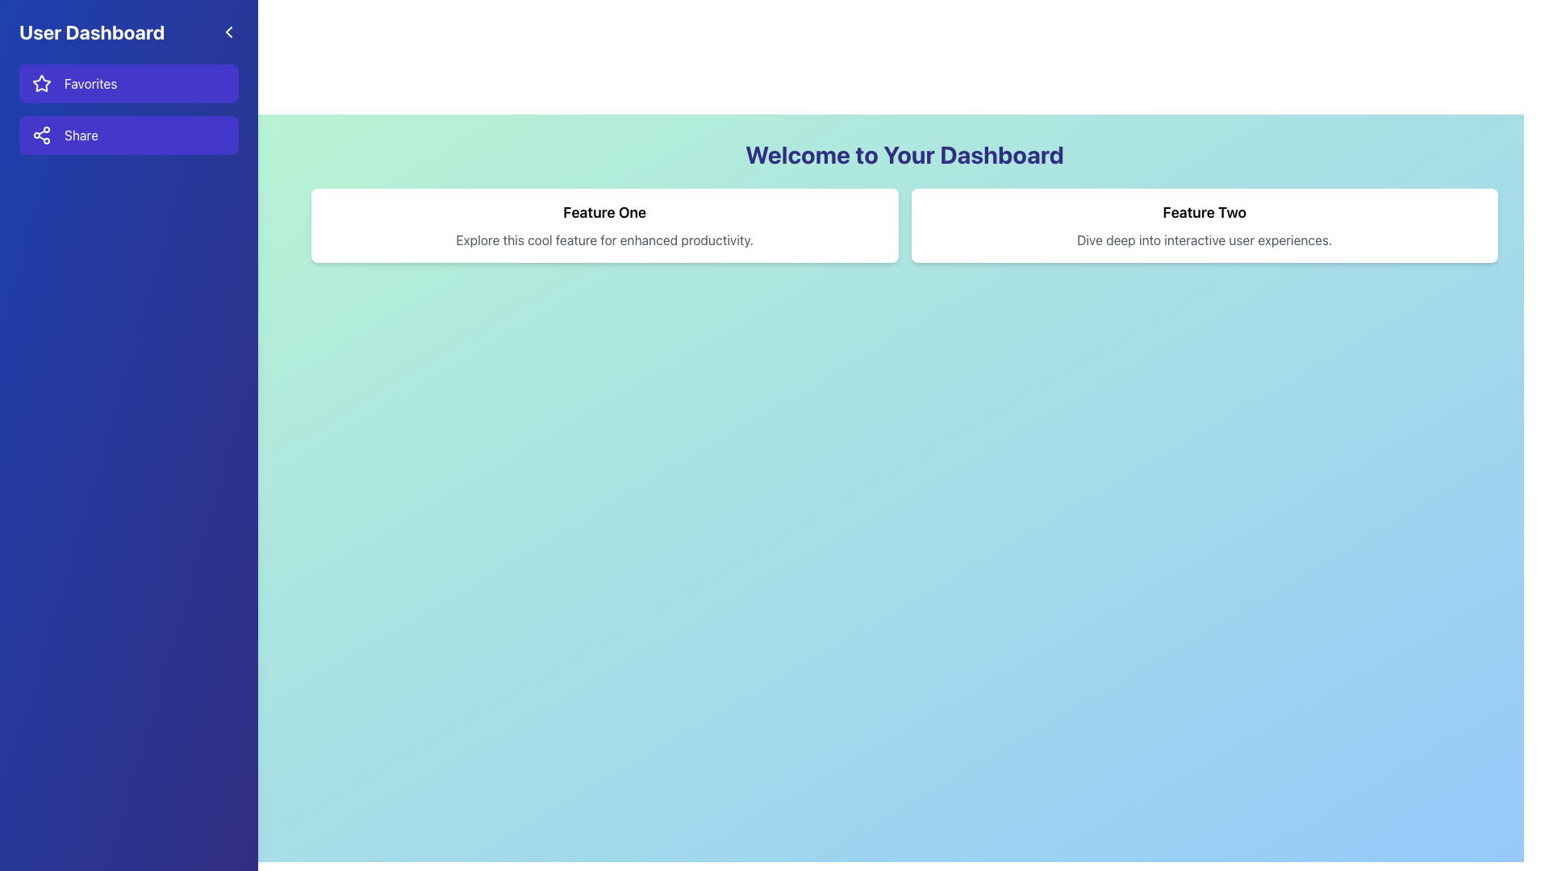  I want to click on the chevron icon in the User Dashboard header, so click(127, 31).